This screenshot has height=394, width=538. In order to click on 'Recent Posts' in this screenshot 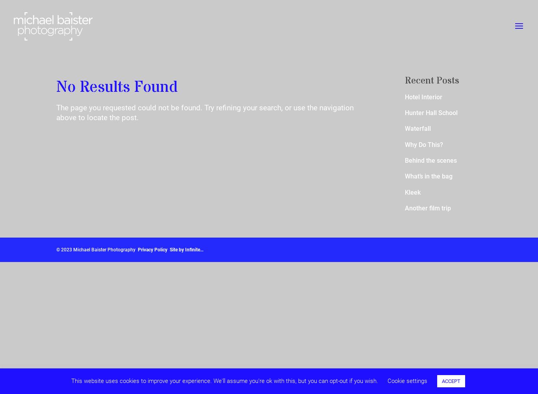, I will do `click(431, 80)`.